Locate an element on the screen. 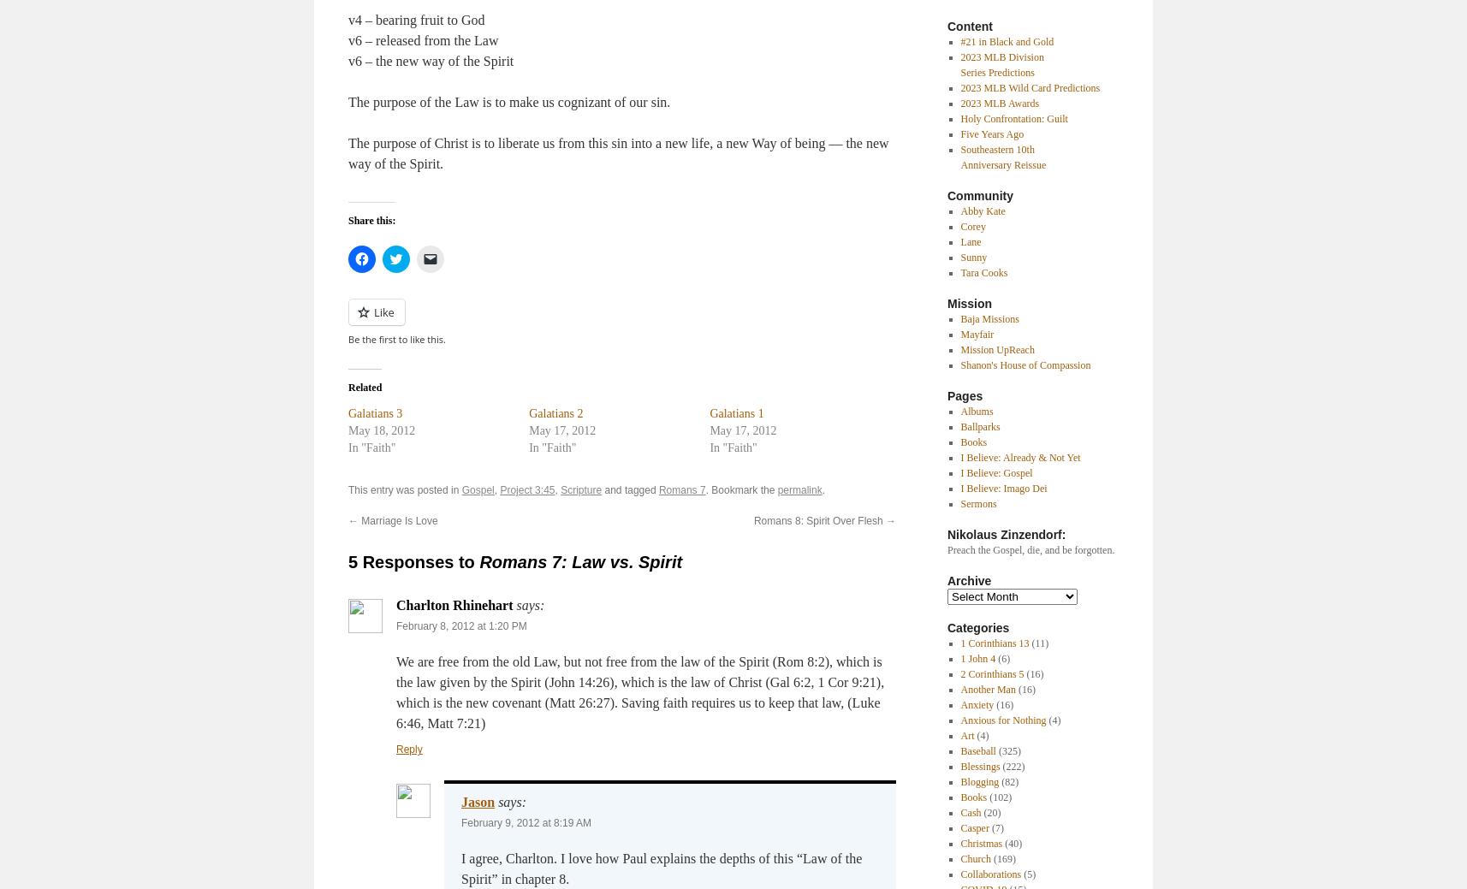  'Anxious for Nothing' is located at coordinates (1002, 720).